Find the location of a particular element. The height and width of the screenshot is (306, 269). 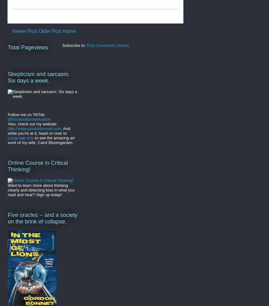

'Newer Post' is located at coordinates (12, 31).